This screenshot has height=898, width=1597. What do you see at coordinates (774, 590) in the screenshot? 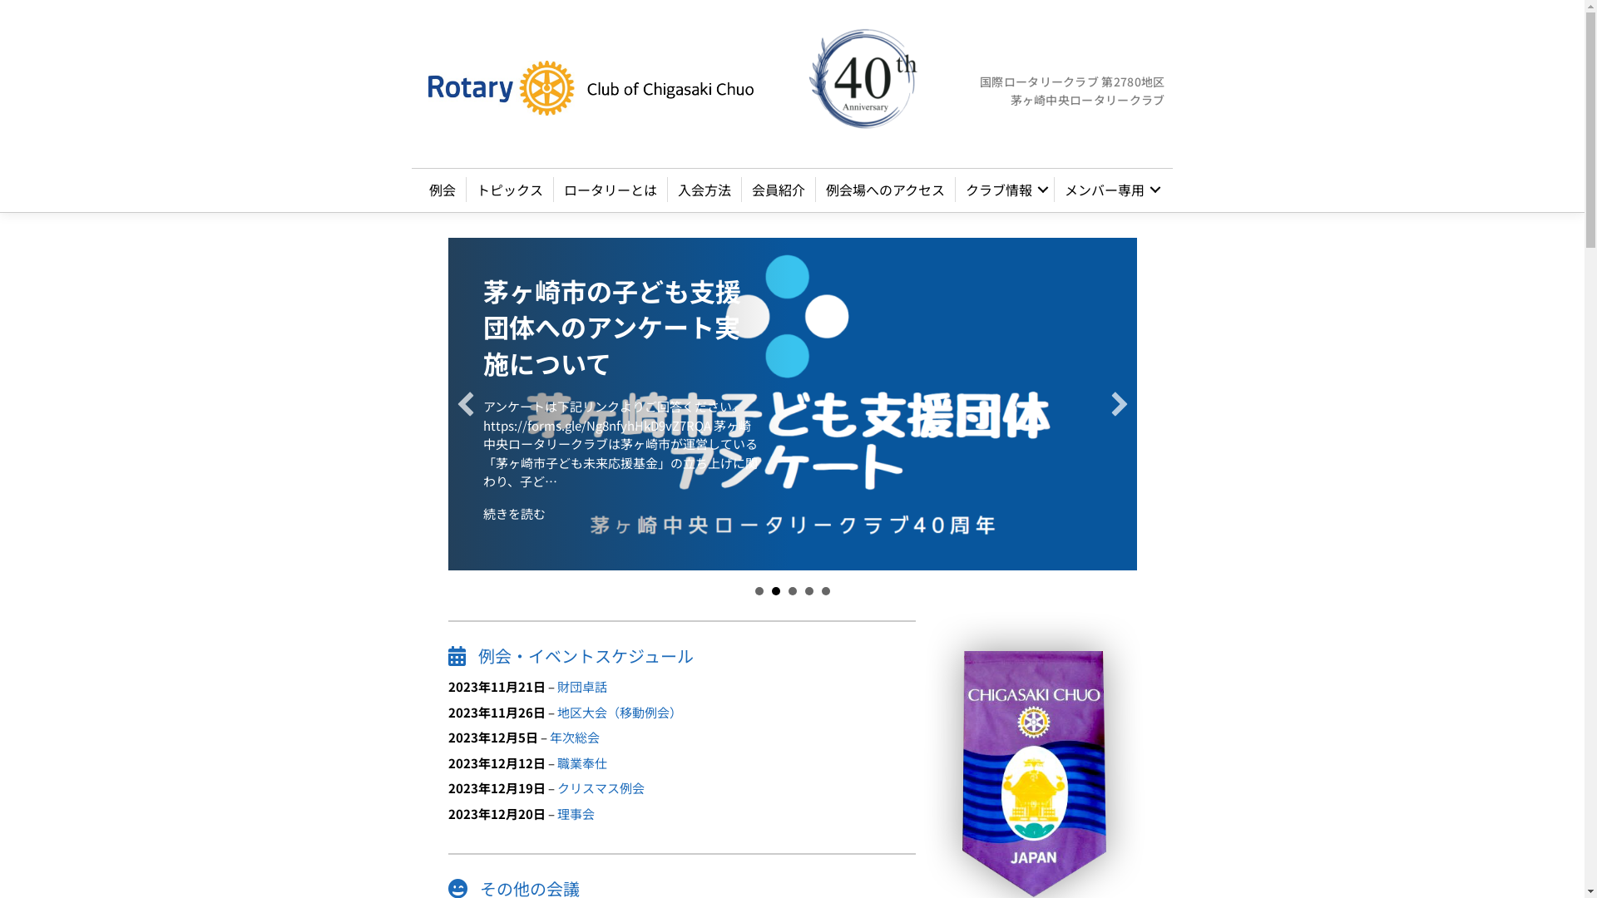
I see `'2'` at bounding box center [774, 590].